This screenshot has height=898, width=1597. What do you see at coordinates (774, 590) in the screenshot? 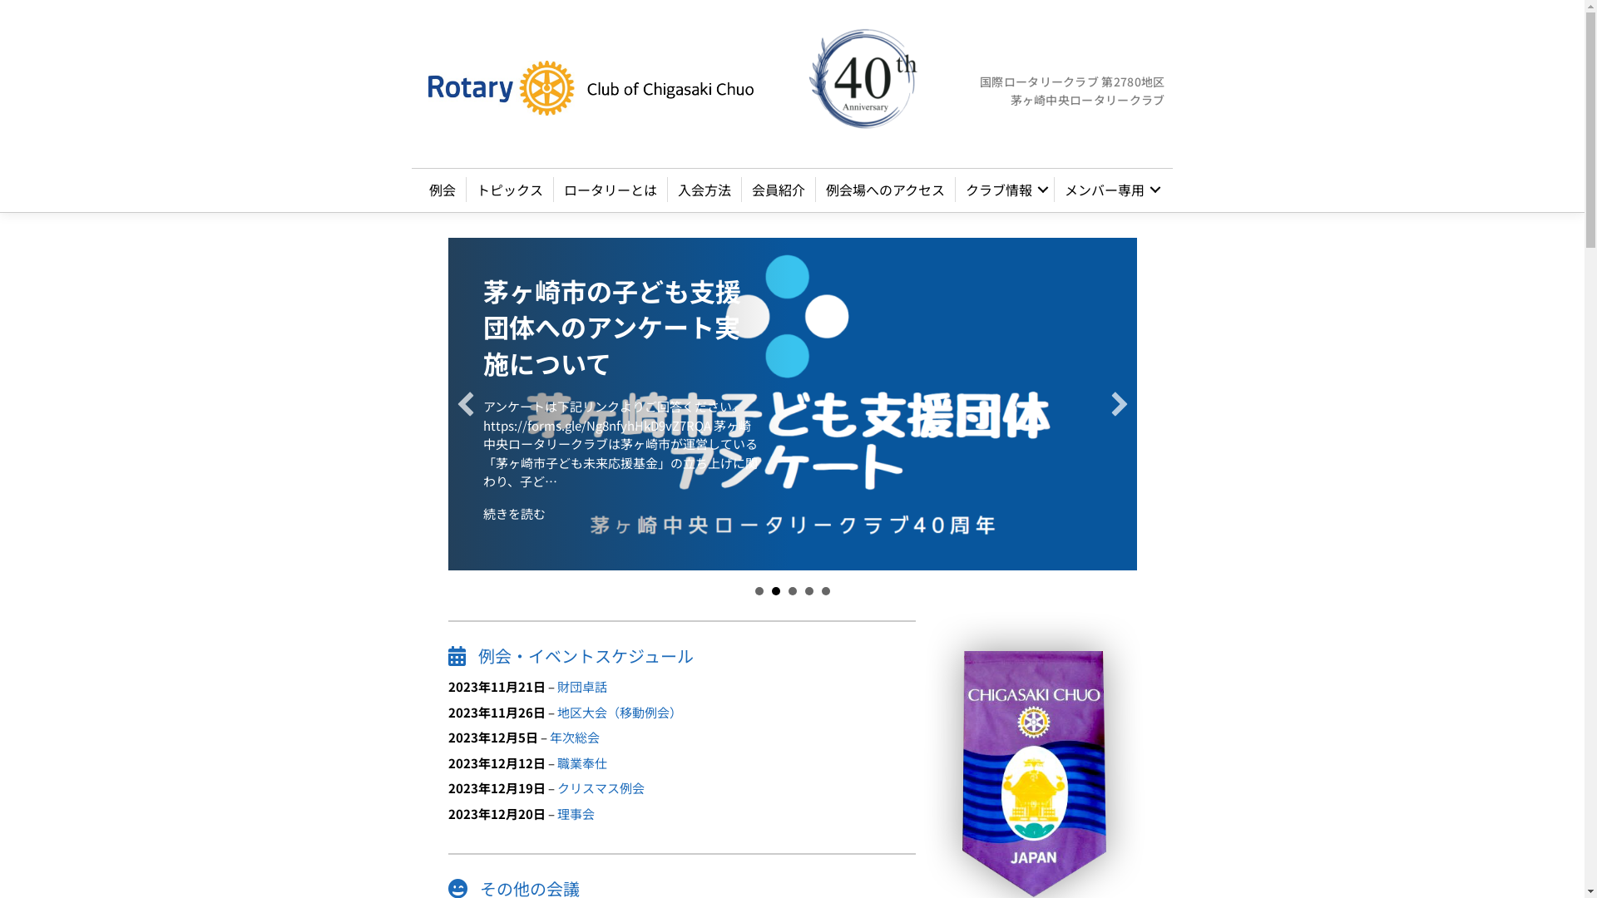
I see `'2'` at bounding box center [774, 590].